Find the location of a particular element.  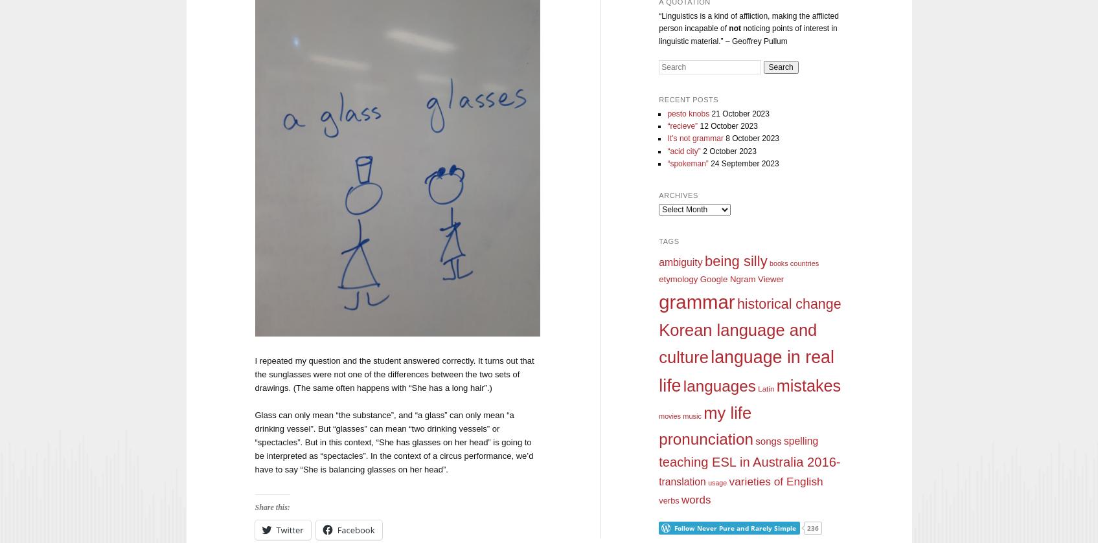

'Facebook' is located at coordinates (356, 529).